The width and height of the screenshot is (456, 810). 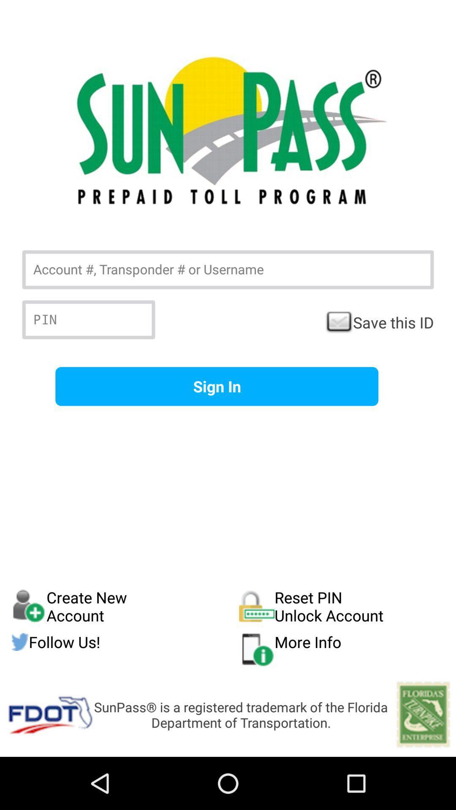 I want to click on item above sign in icon, so click(x=379, y=322).